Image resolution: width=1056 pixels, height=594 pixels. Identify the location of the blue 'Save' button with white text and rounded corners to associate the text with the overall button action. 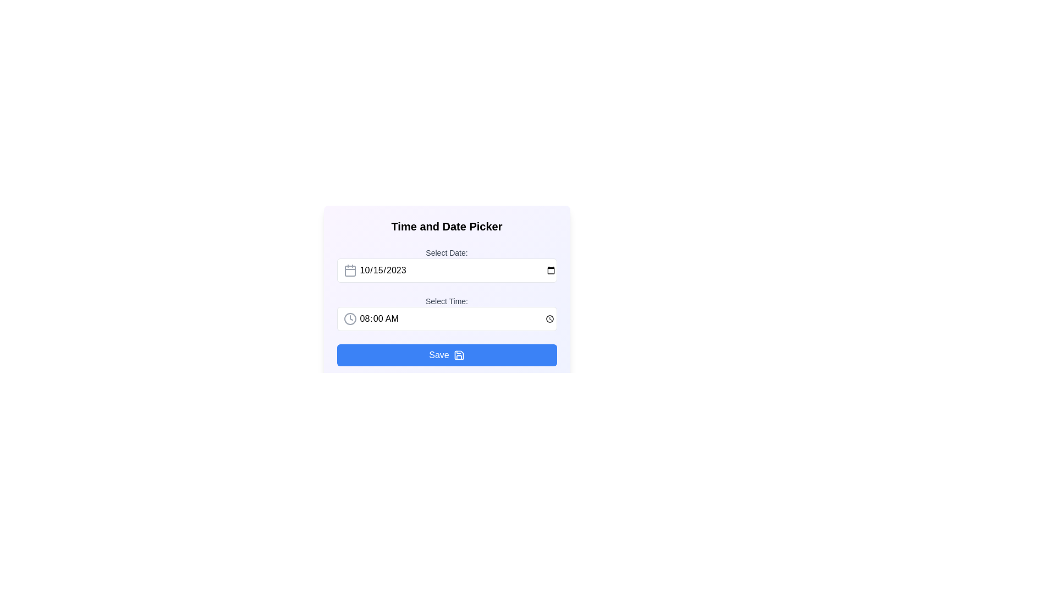
(438, 355).